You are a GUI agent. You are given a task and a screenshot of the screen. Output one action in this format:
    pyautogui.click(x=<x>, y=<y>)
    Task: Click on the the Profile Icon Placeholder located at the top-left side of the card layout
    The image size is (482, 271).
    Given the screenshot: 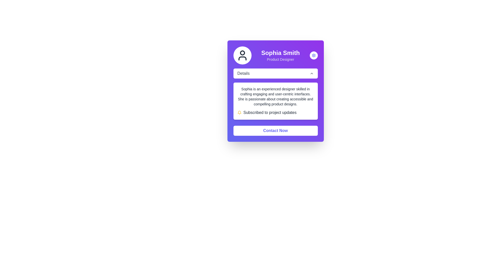 What is the action you would take?
    pyautogui.click(x=242, y=55)
    